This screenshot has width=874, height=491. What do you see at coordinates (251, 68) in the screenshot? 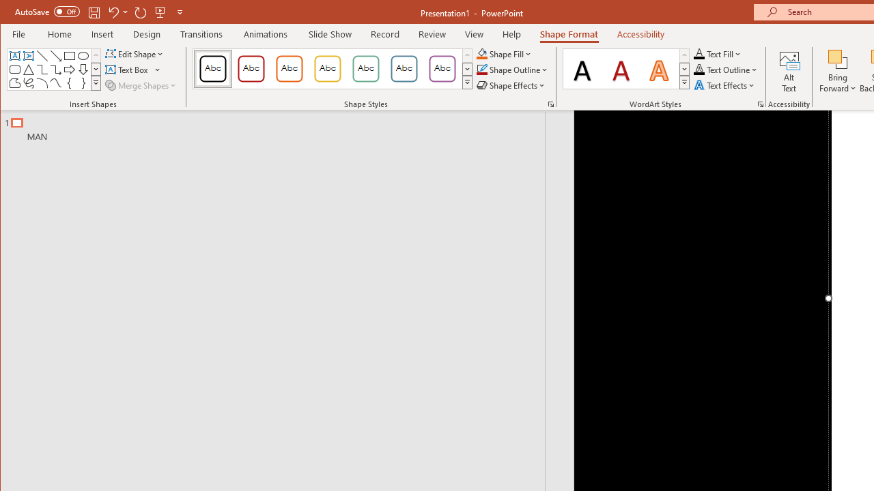
I see `'Colored Outline - Dark Red, Accent 1'` at bounding box center [251, 68].